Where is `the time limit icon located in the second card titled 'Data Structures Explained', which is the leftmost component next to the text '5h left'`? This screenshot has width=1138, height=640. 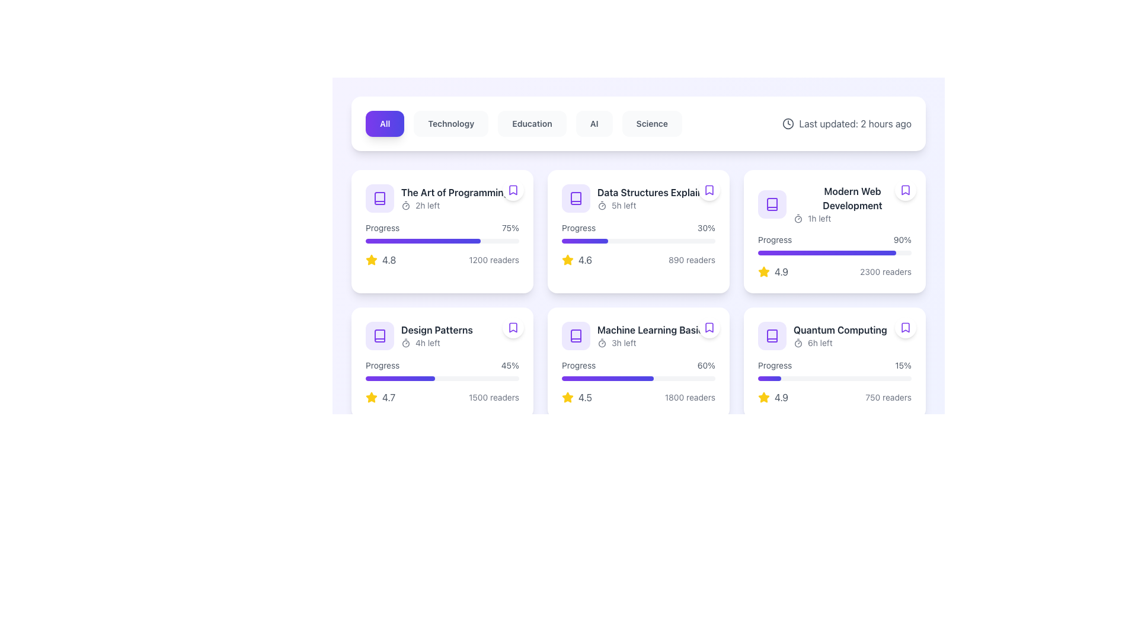
the time limit icon located in the second card titled 'Data Structures Explained', which is the leftmost component next to the text '5h left' is located at coordinates (602, 205).